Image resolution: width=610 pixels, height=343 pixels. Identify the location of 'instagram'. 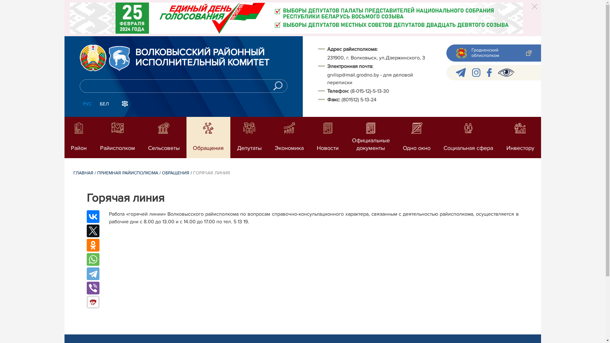
(476, 72).